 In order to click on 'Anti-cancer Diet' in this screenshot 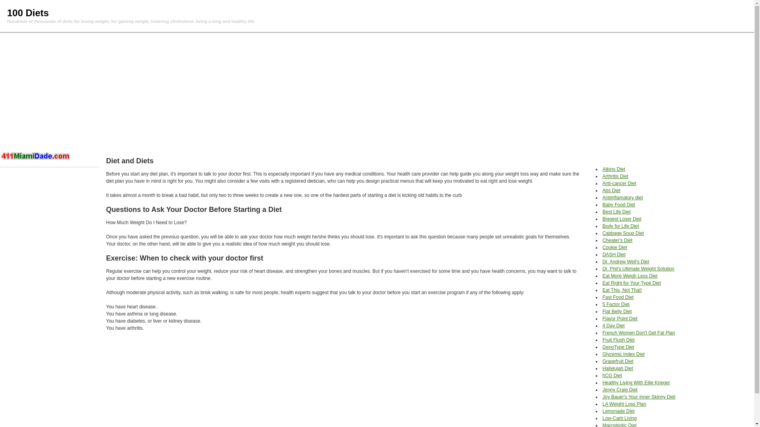, I will do `click(619, 183)`.